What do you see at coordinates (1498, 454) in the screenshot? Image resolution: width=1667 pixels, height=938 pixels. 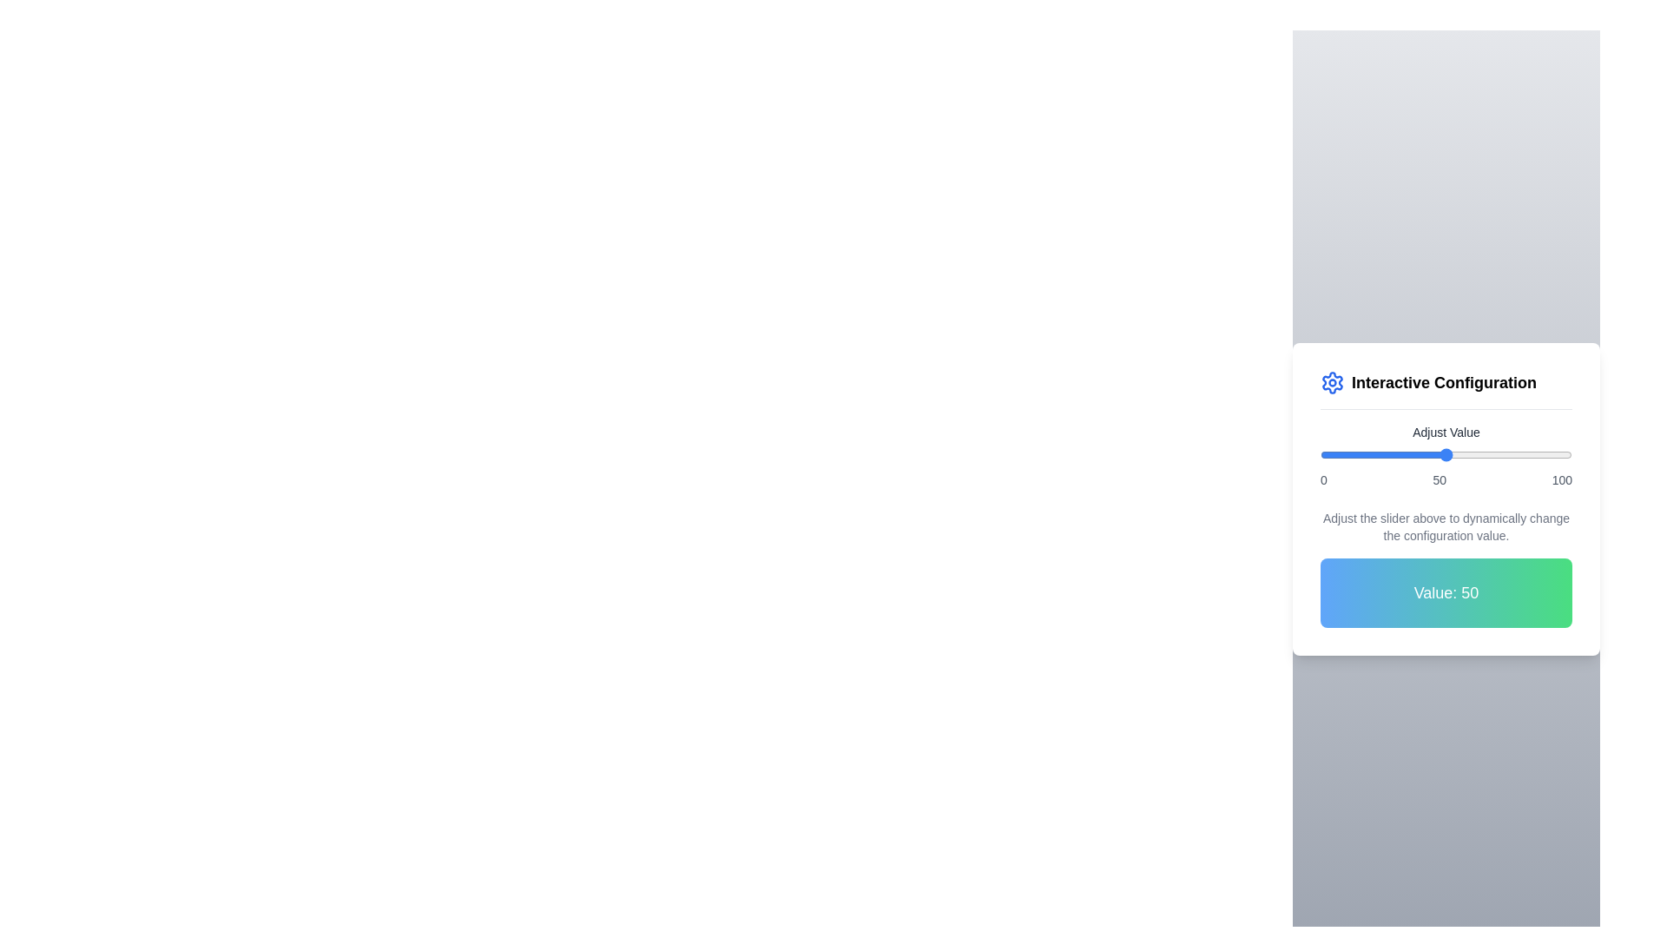 I see `the slider to set its value to 71` at bounding box center [1498, 454].